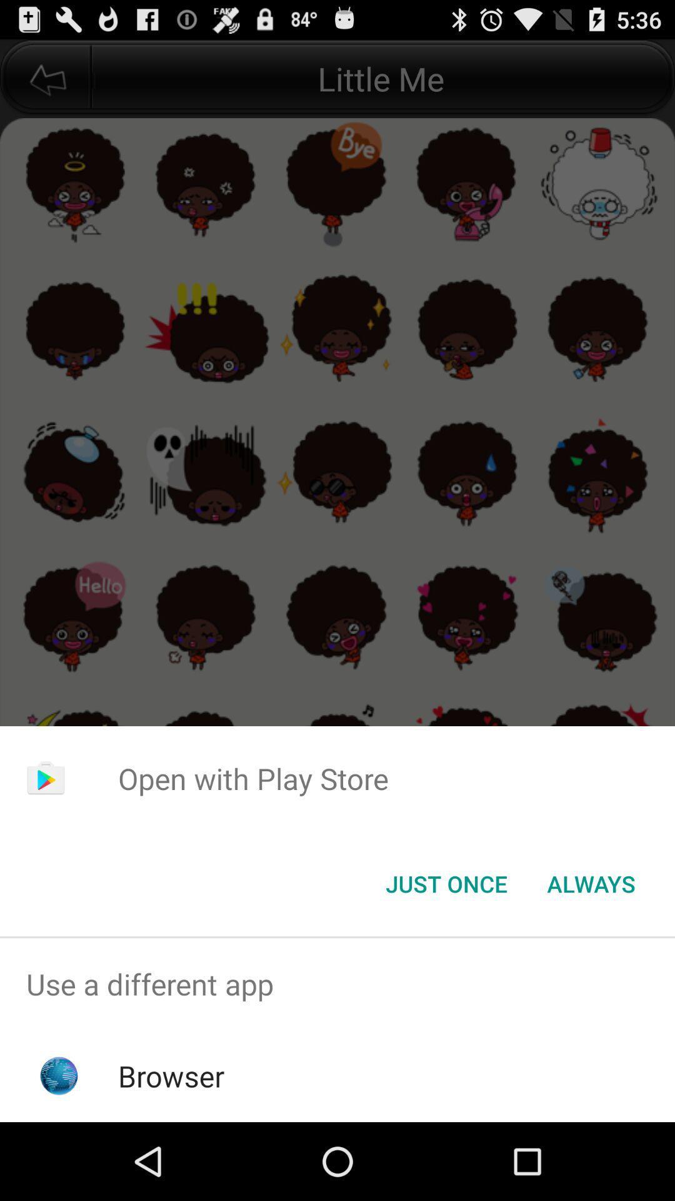 The image size is (675, 1201). Describe the element at coordinates (591, 883) in the screenshot. I see `the always item` at that location.